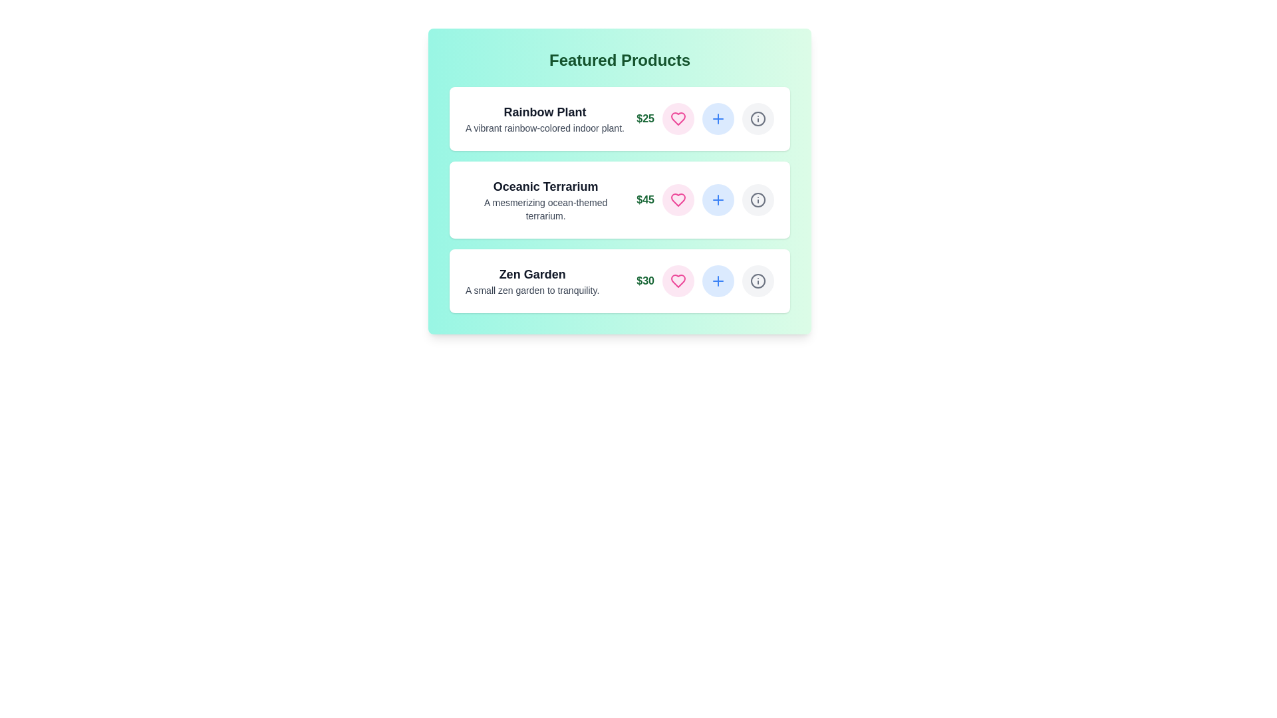 Image resolution: width=1277 pixels, height=718 pixels. I want to click on plus button for the product Rainbow Plant to add it to the cart, so click(718, 118).